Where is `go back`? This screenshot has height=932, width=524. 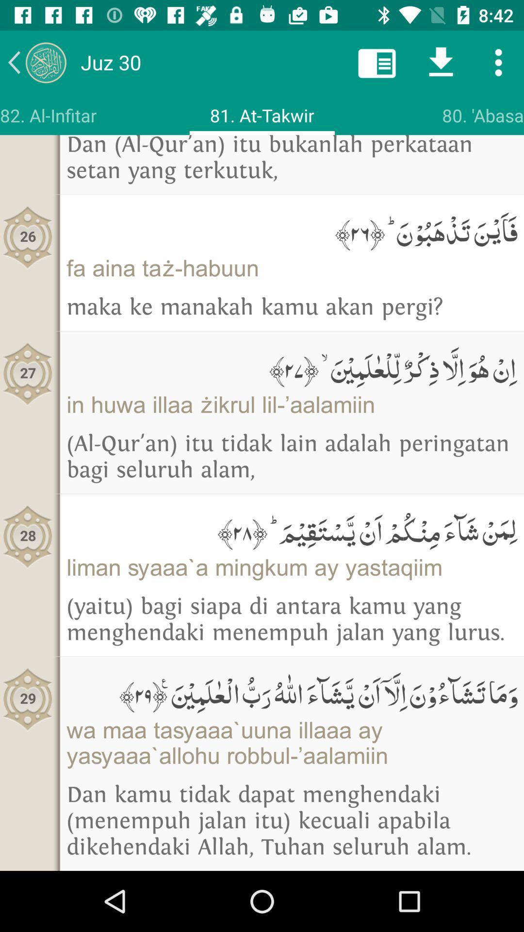 go back is located at coordinates (36, 62).